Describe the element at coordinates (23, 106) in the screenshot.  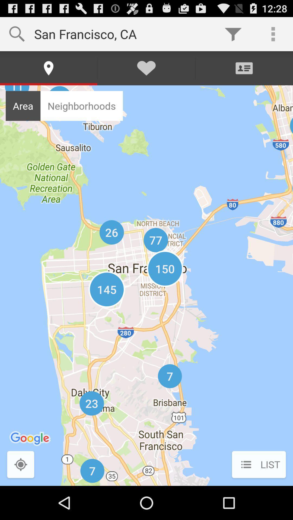
I see `area item` at that location.